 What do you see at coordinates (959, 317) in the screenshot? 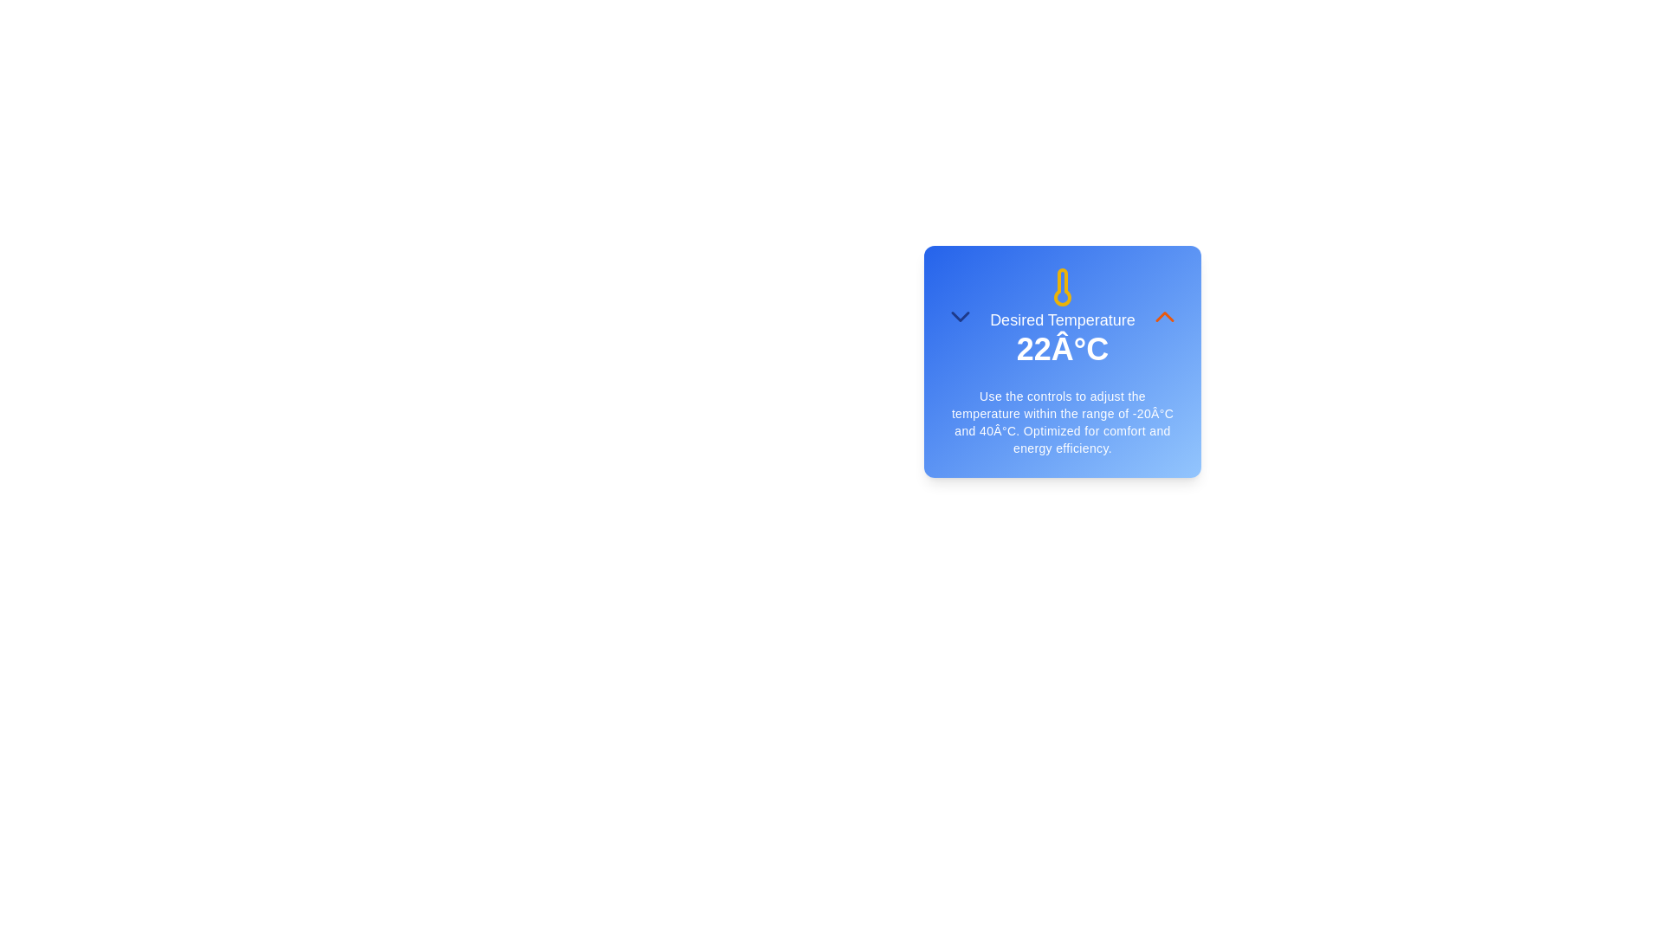
I see `the blue-chevron button to decrease the temperature` at bounding box center [959, 317].